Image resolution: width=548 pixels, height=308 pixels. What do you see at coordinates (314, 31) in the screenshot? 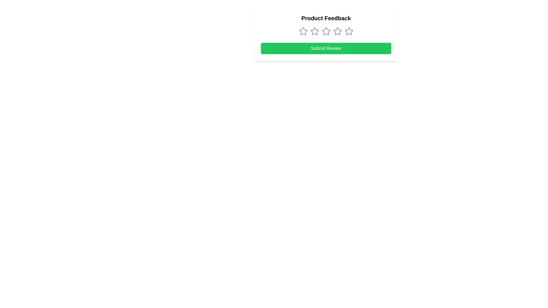
I see `the second star icon in the rating system` at bounding box center [314, 31].